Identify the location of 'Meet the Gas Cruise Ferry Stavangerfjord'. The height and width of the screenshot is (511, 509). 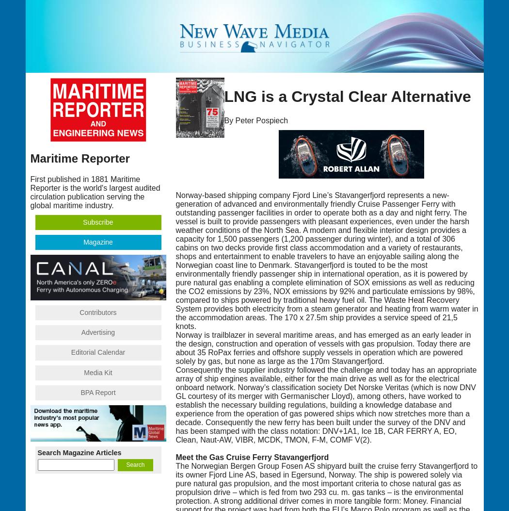
(251, 456).